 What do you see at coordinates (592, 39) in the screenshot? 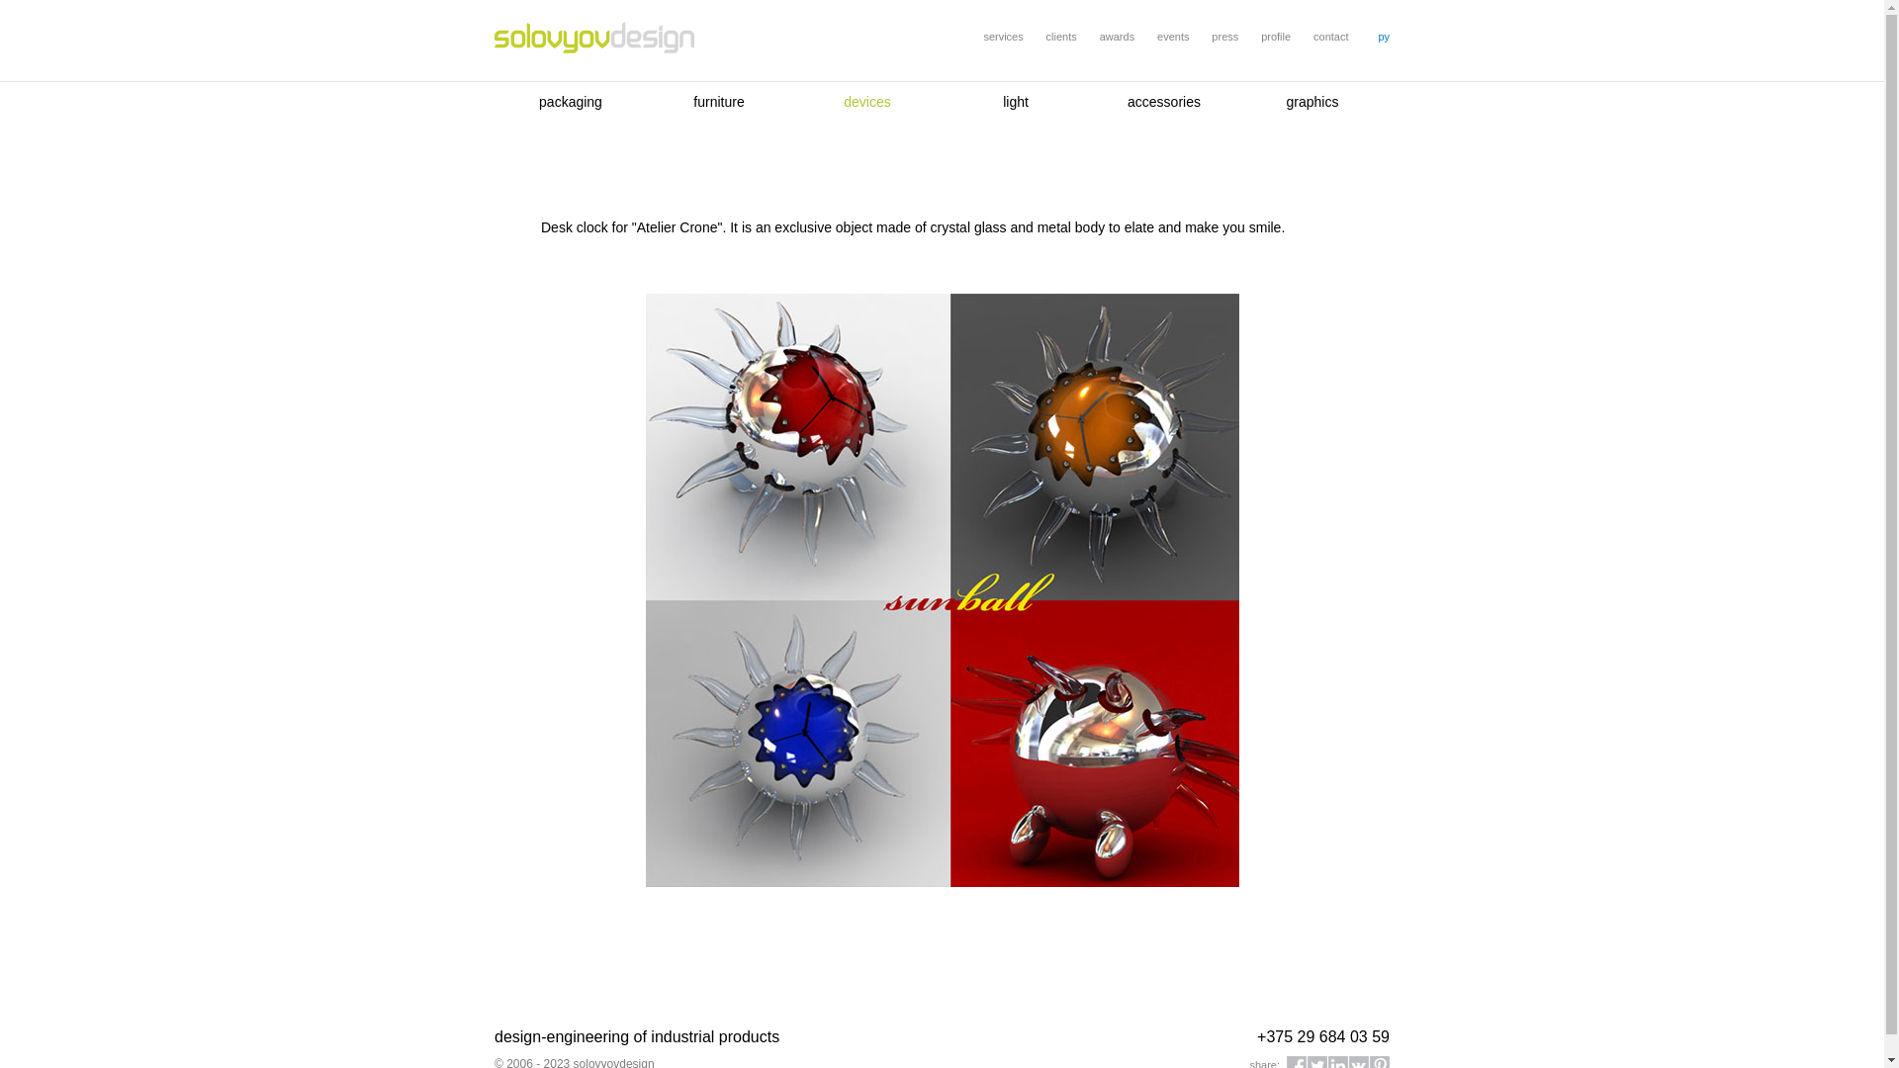
I see `'SOLOVYOVDESIGN'` at bounding box center [592, 39].